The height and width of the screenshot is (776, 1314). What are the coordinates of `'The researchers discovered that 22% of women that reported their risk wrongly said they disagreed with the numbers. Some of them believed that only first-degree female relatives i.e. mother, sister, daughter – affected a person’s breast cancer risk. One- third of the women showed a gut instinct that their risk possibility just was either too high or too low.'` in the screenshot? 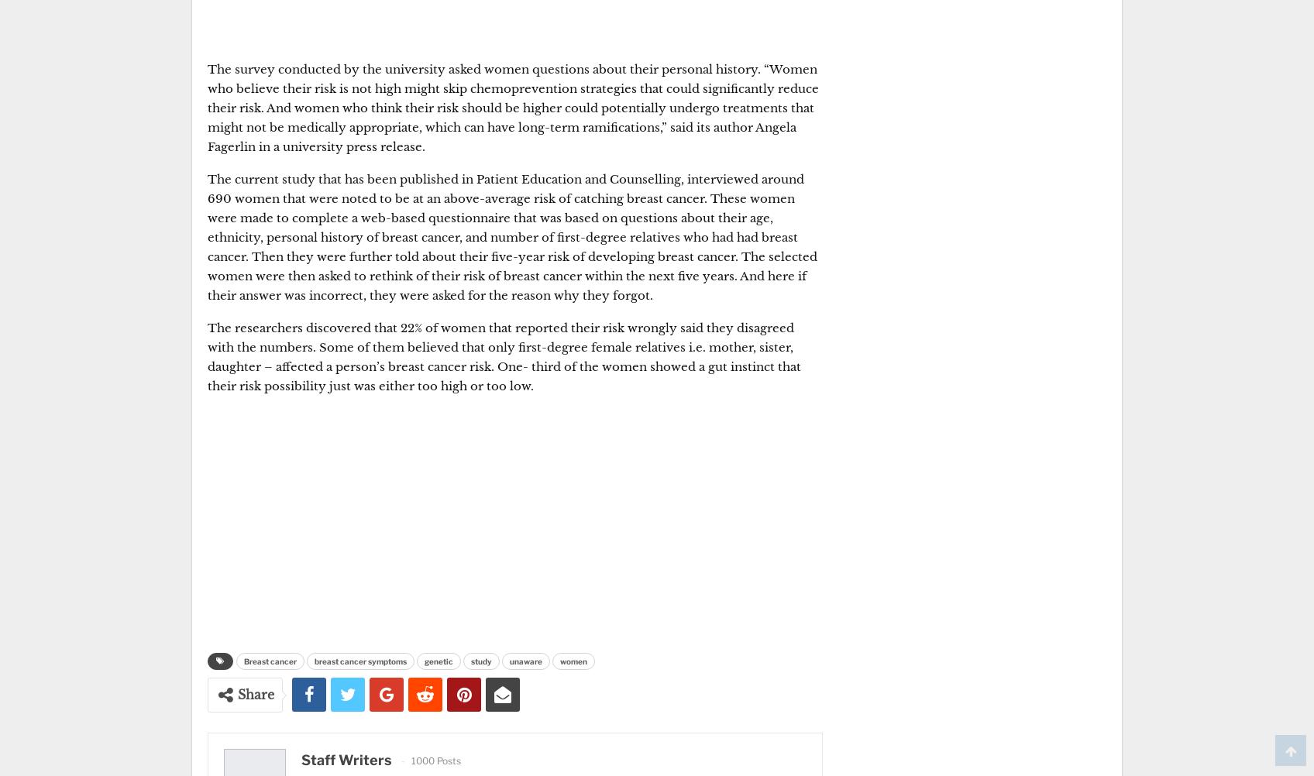 It's located at (503, 356).